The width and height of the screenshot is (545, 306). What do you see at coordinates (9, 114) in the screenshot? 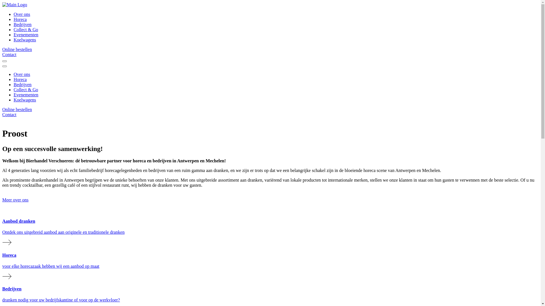
I see `'Contact'` at bounding box center [9, 114].